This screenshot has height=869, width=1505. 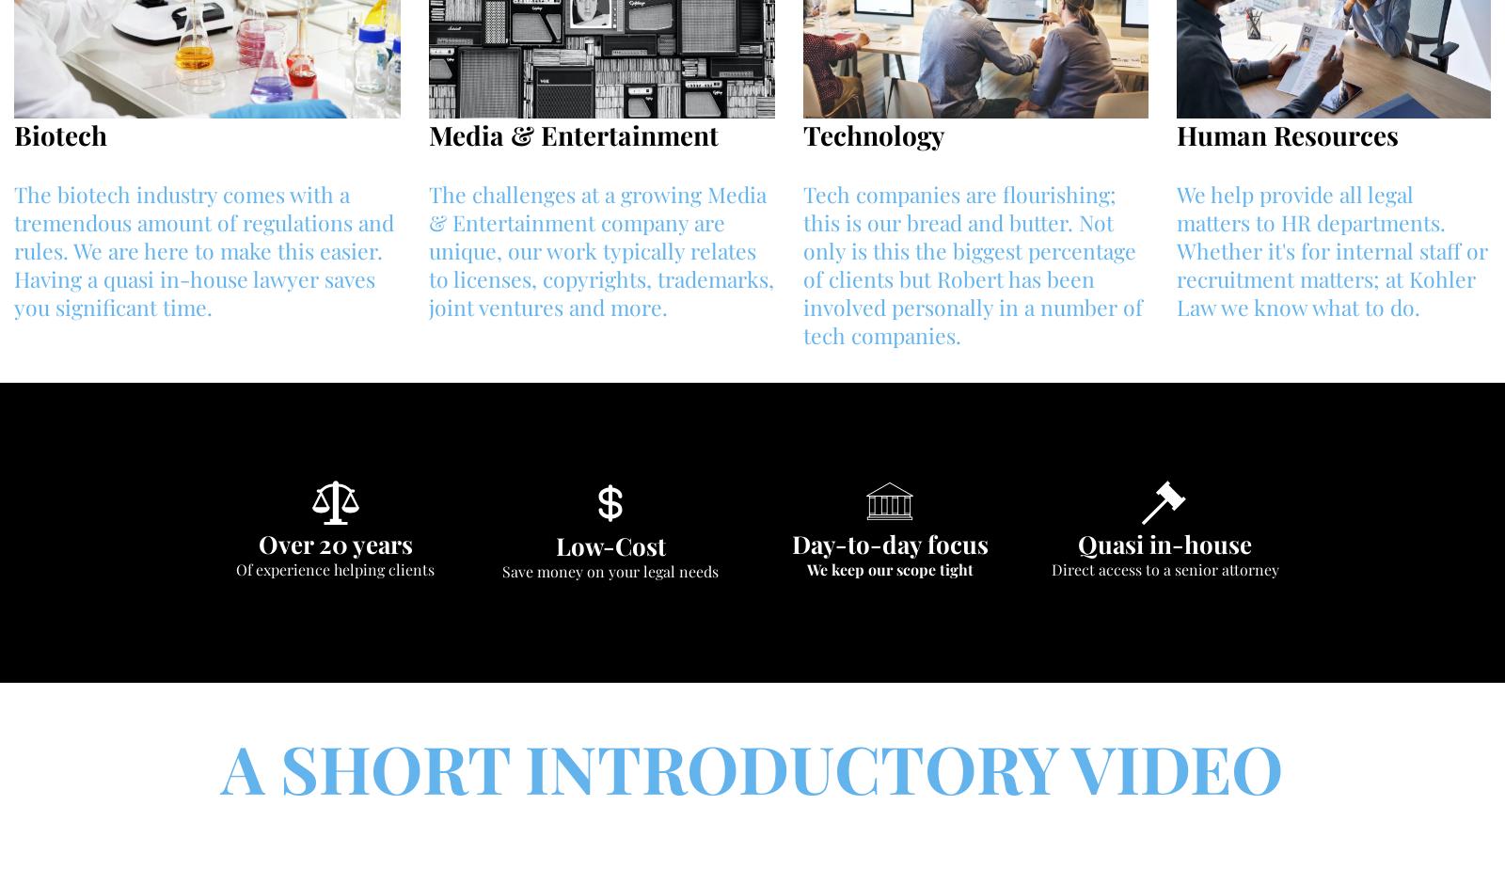 What do you see at coordinates (610, 570) in the screenshot?
I see `'Save money on your legal needs'` at bounding box center [610, 570].